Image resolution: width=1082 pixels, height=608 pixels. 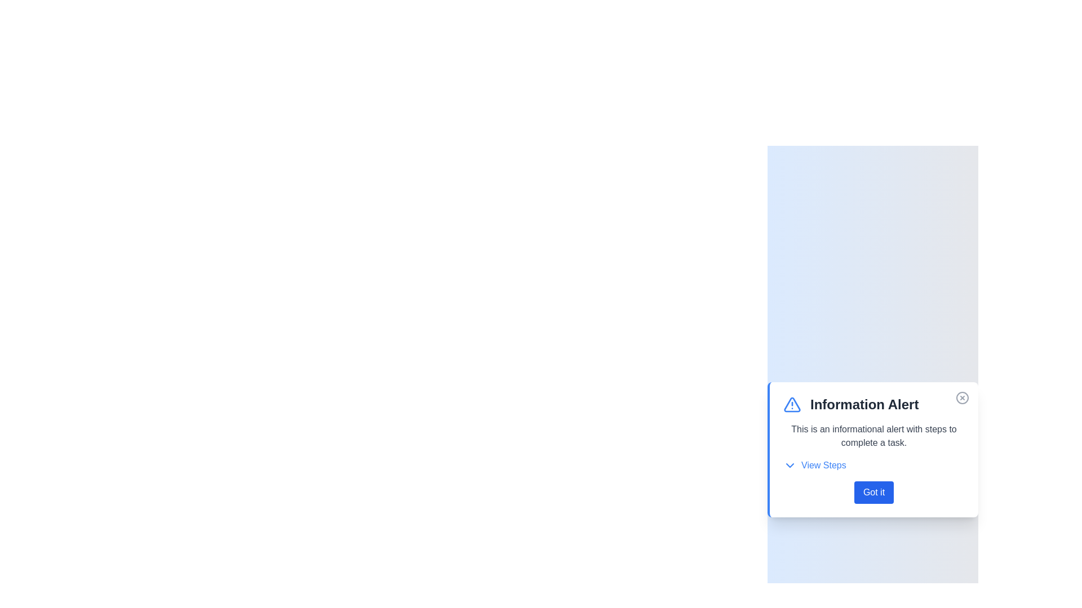 I want to click on the 'View Steps' button to expand the alert and view additional information, so click(x=814, y=465).